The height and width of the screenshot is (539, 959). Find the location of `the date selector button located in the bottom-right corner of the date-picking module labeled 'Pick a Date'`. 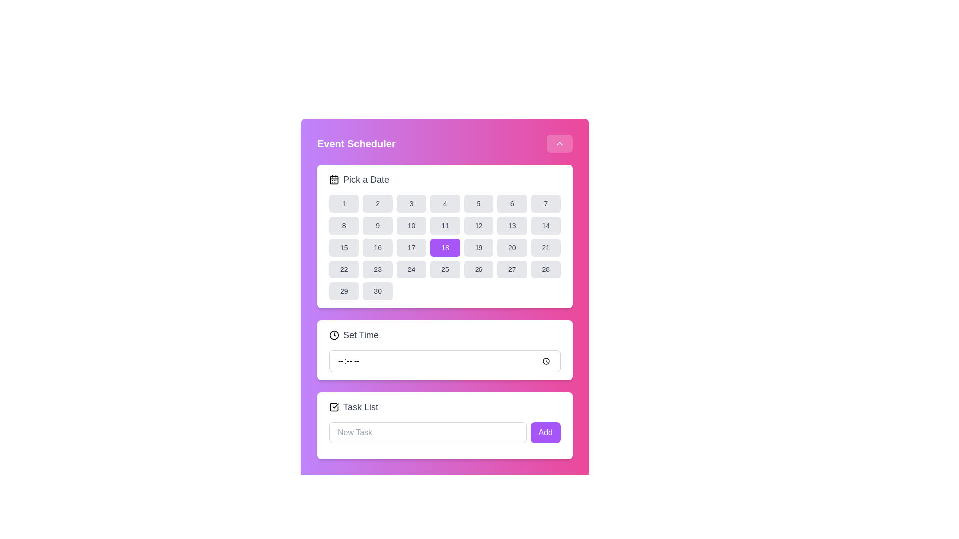

the date selector button located in the bottom-right corner of the date-picking module labeled 'Pick a Date' is located at coordinates (377, 291).